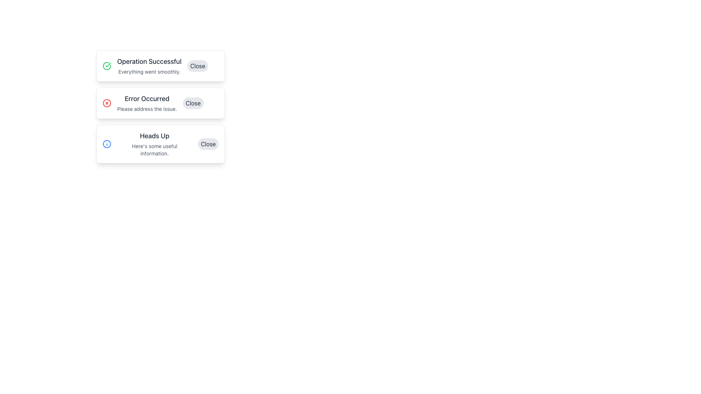  What do you see at coordinates (106, 144) in the screenshot?
I see `the first graphical component of the SVG associated with the 'Heads Up' notification bar, located to the left of the bar's text content` at bounding box center [106, 144].